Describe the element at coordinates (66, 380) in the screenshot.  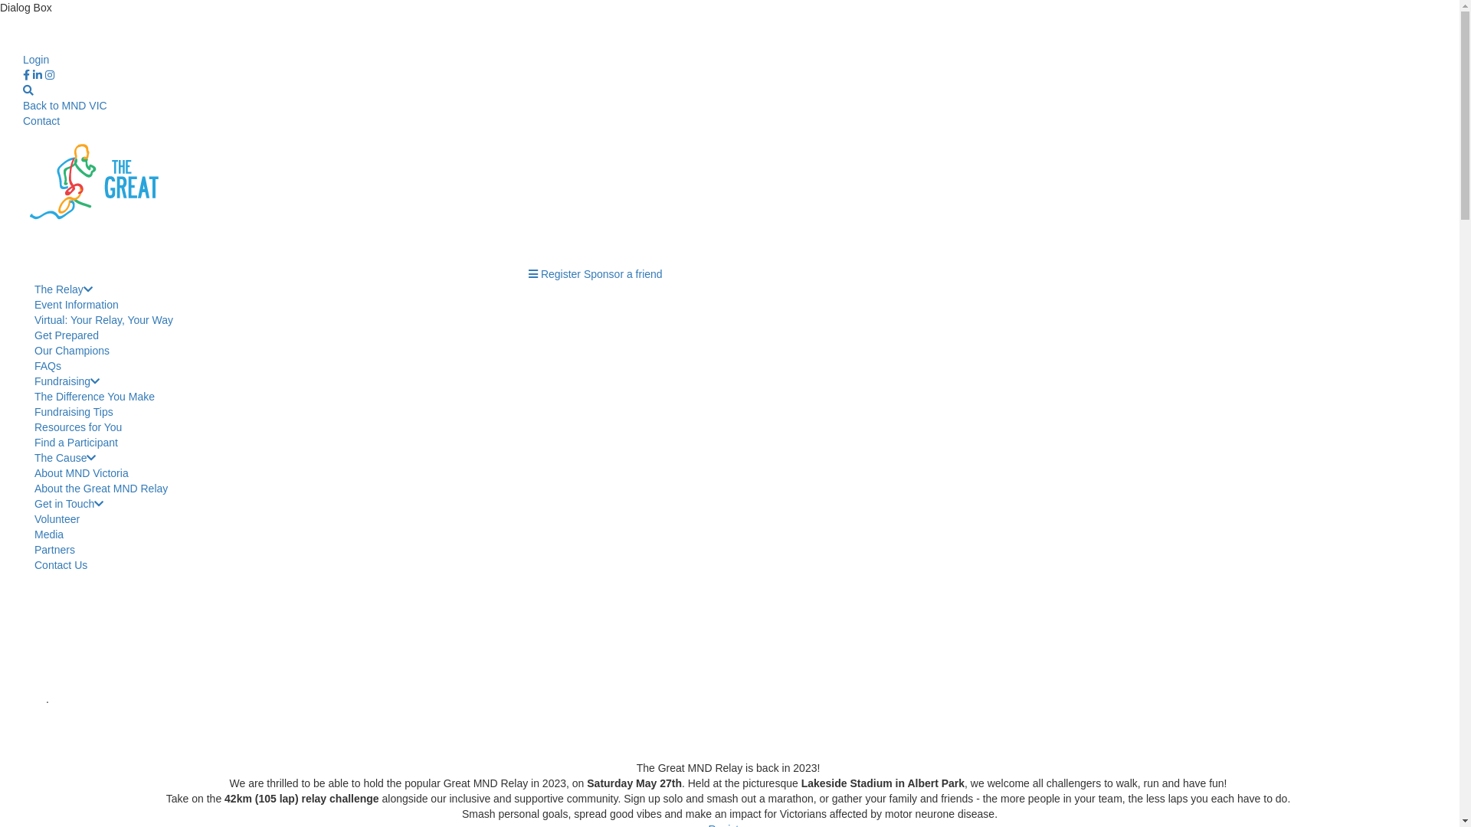
I see `'Fundraising'` at that location.